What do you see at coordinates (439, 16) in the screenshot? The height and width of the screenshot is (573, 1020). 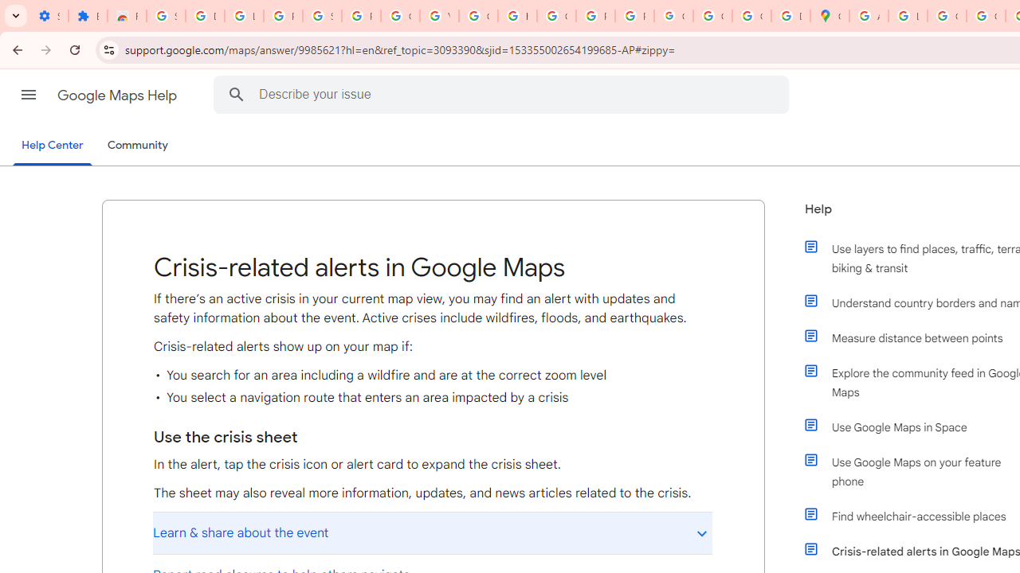 I see `'YouTube'` at bounding box center [439, 16].